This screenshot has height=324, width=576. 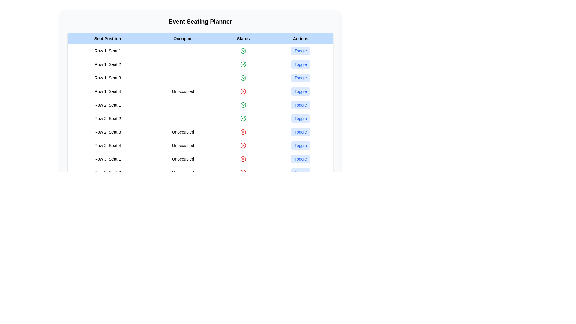 I want to click on the 'Toggle' button with a light blue background located in the 'Actions' column of the 'Event Seating Planner' section for 'Row 2, Seat 1', so click(x=301, y=105).